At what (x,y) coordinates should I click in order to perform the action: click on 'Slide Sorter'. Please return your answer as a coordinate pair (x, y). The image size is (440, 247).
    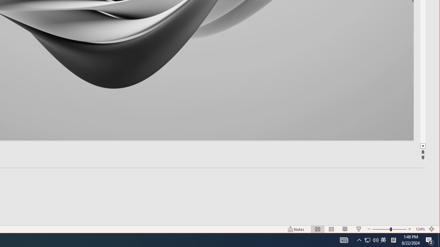
    Looking at the image, I should click on (331, 229).